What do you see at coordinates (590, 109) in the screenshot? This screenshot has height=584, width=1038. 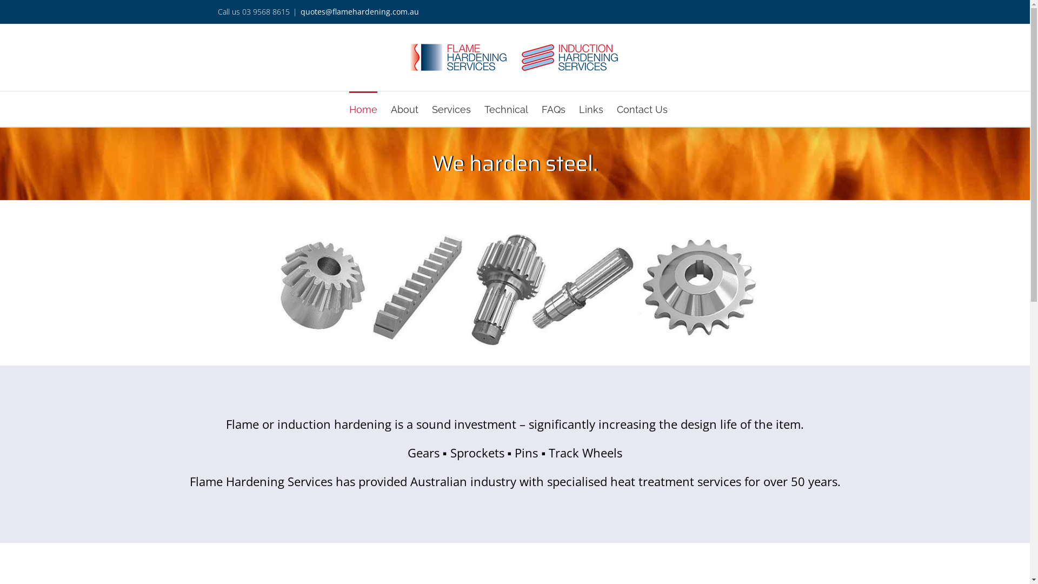 I see `'Links'` at bounding box center [590, 109].